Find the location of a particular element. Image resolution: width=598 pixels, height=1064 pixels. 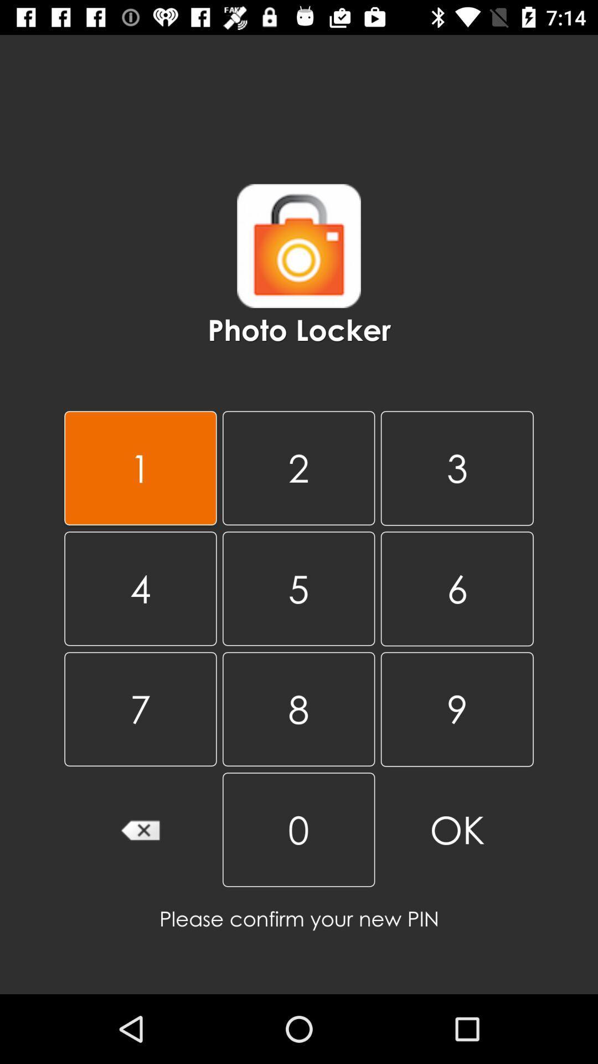

the icon below the 3 icon is located at coordinates (298, 588).